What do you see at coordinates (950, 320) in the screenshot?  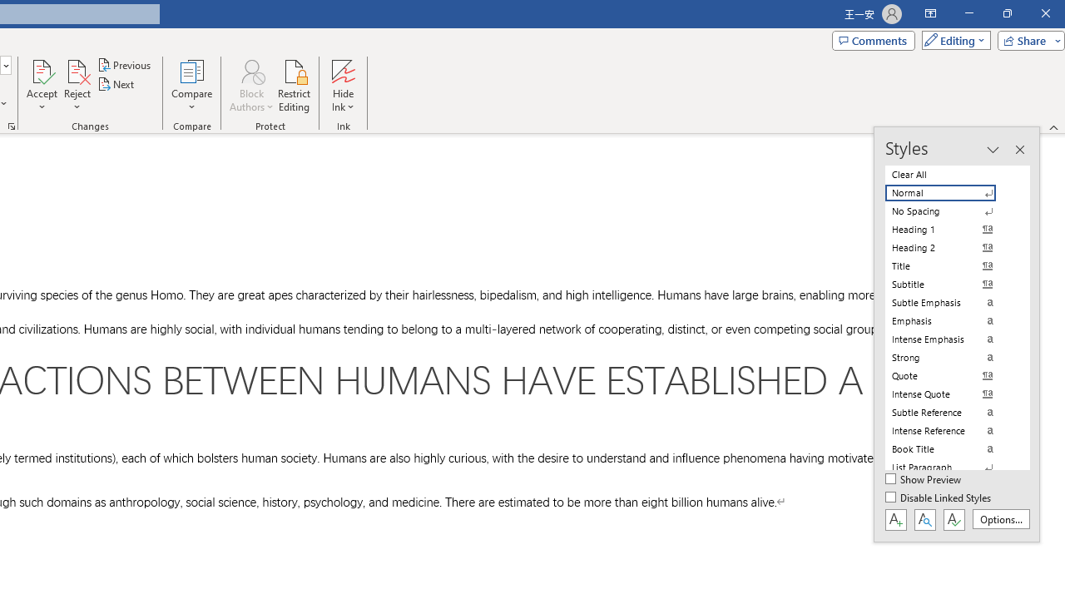 I see `'Emphasis'` at bounding box center [950, 320].